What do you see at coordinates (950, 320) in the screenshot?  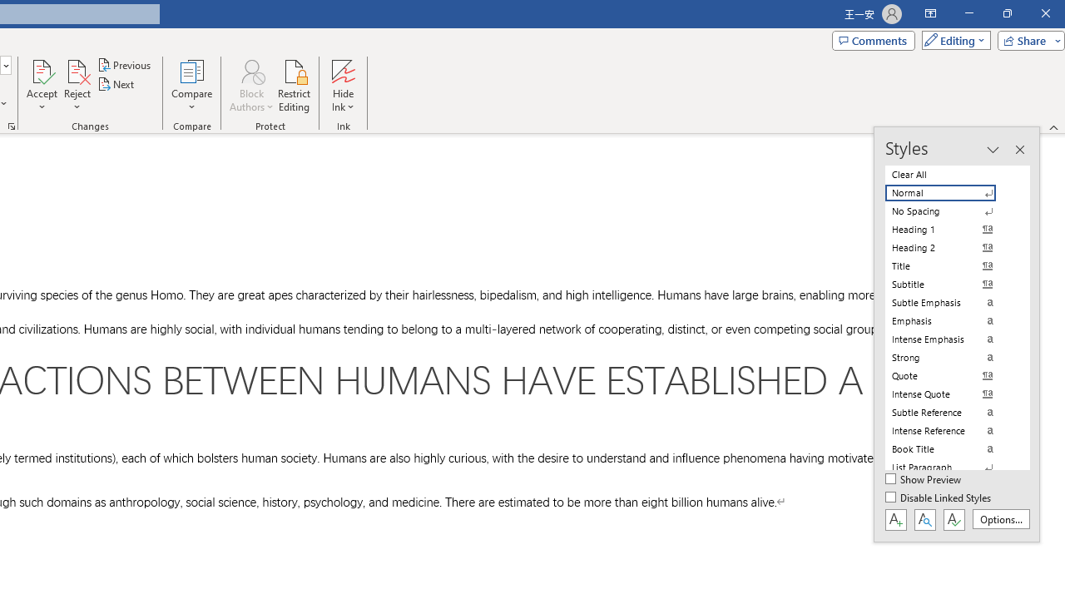 I see `'Emphasis'` at bounding box center [950, 320].